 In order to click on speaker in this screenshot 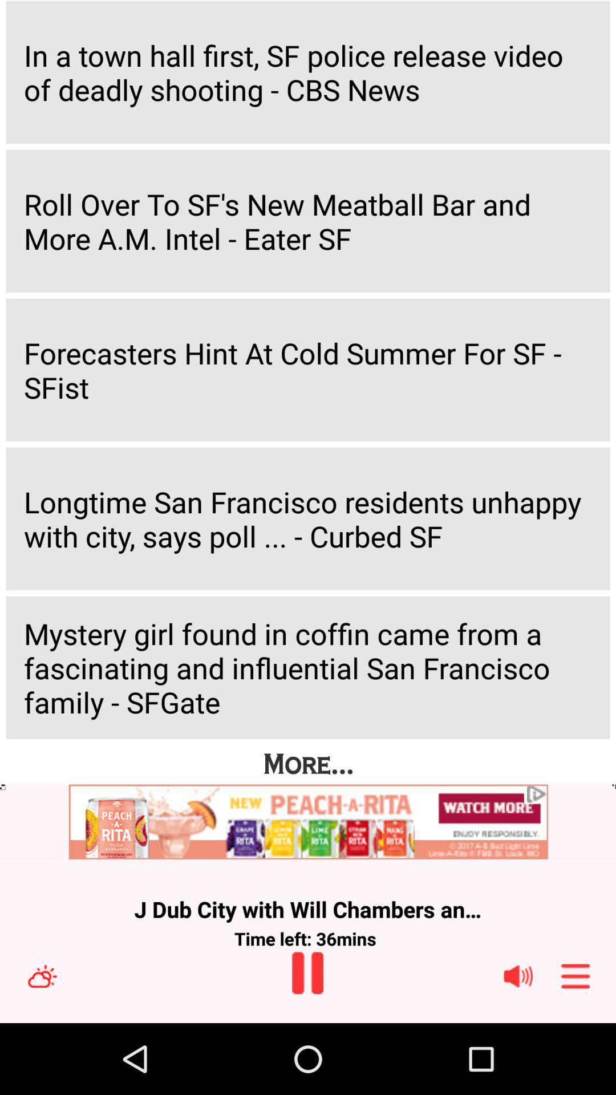, I will do `click(518, 975)`.